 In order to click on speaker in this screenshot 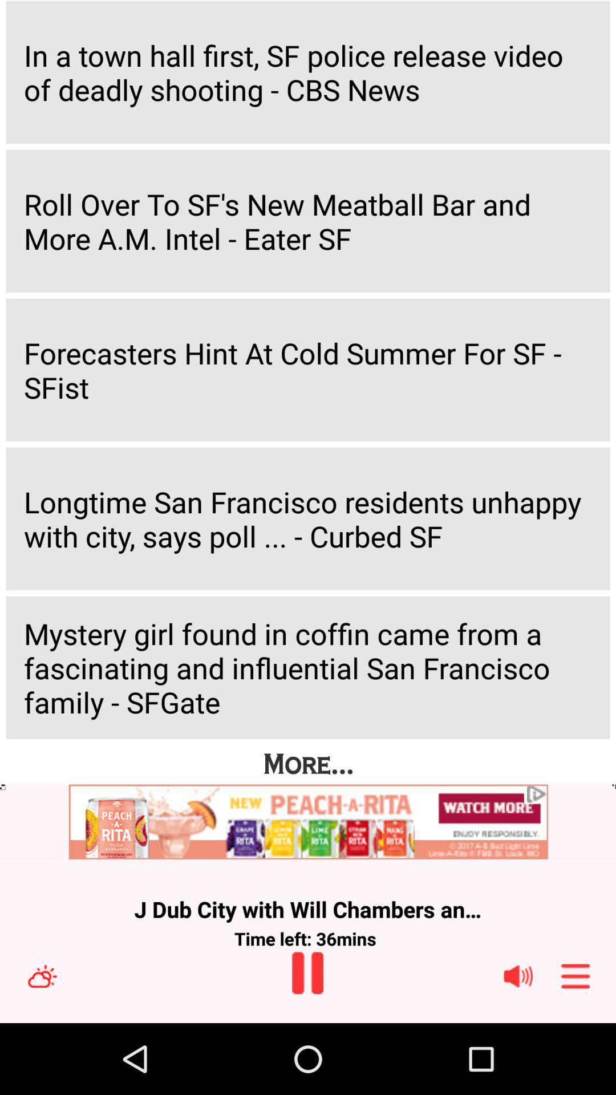, I will do `click(518, 975)`.